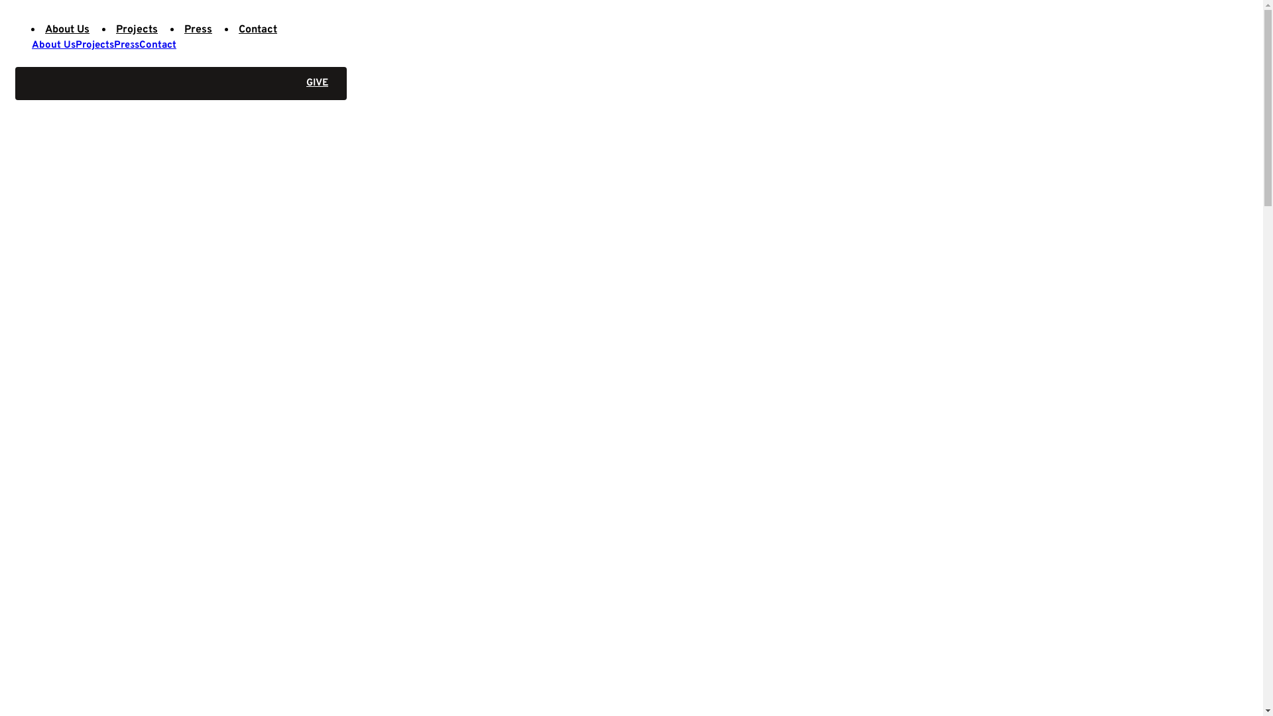 The width and height of the screenshot is (1273, 716). Describe the element at coordinates (257, 30) in the screenshot. I see `'Contact'` at that location.